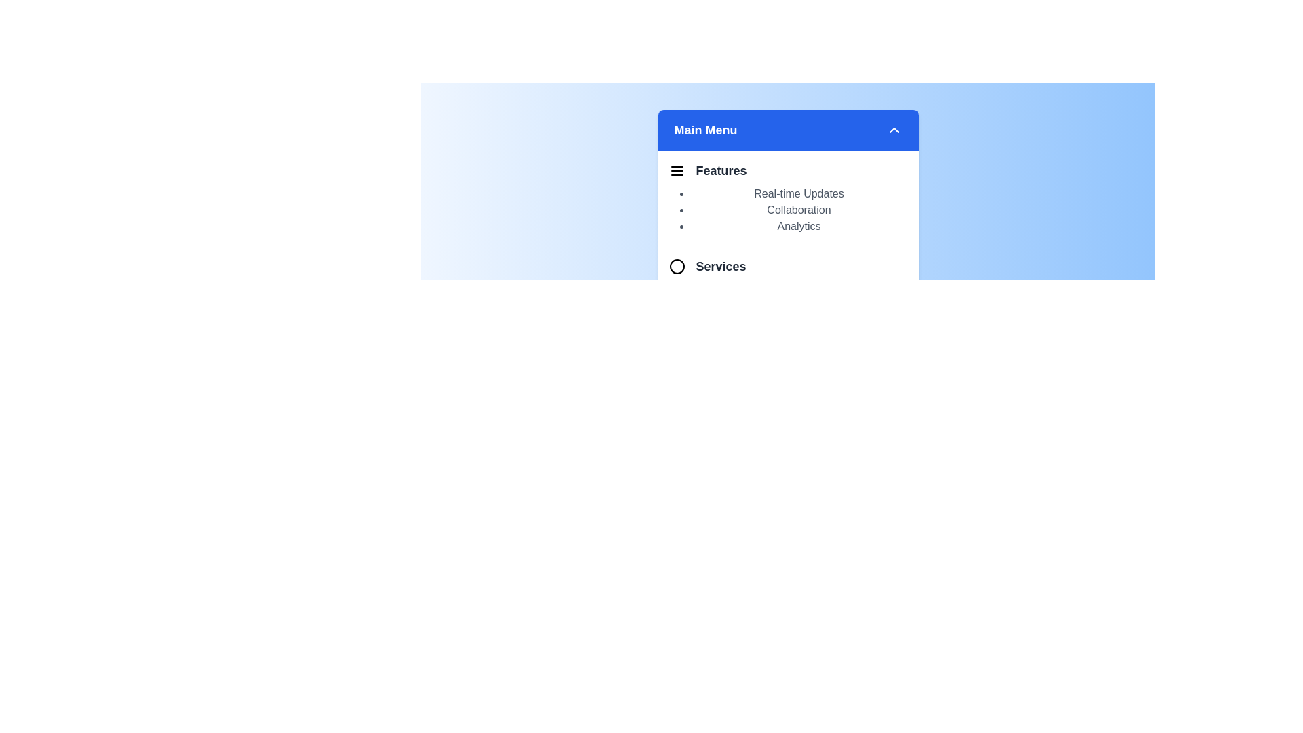 The height and width of the screenshot is (733, 1303). I want to click on the section header Services to toggle its visibility, so click(788, 269).